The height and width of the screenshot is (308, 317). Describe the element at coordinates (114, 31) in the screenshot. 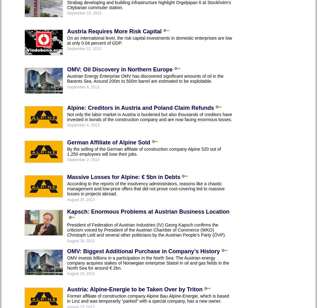

I see `'Austria Requires More Risk Capital'` at that location.